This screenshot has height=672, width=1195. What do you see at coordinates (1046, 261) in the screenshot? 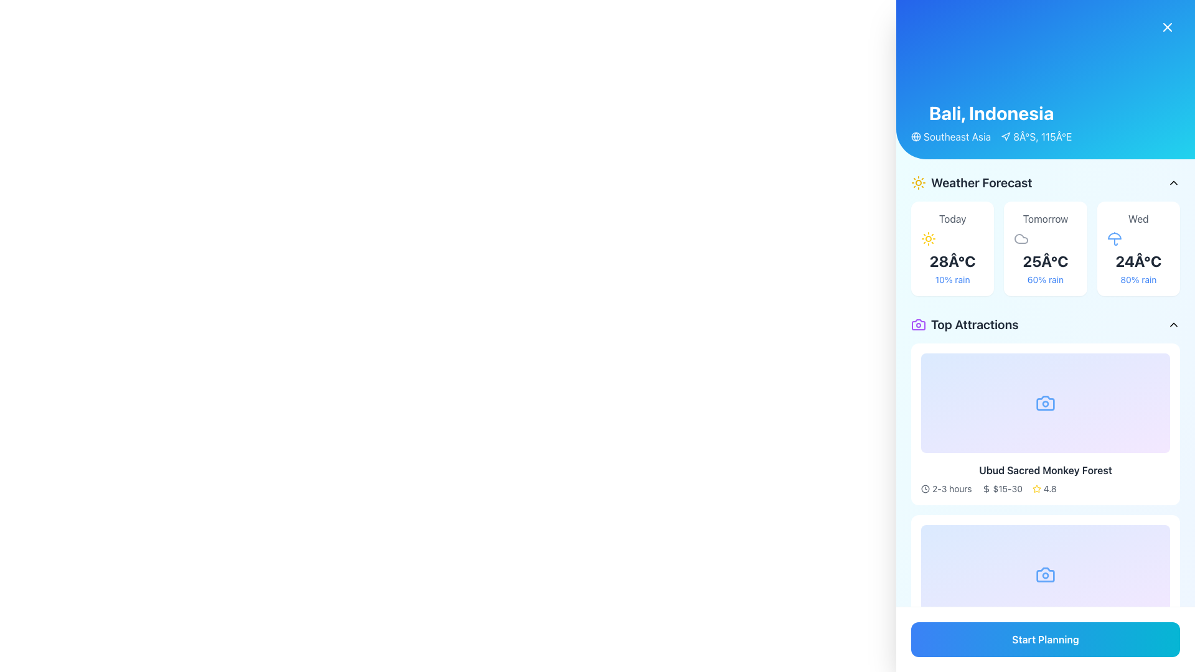
I see `the Static Text Label displaying '25Â°C', which is located in the middle portion of the 'Tomorrow' card in the Weather Forecast section` at bounding box center [1046, 261].